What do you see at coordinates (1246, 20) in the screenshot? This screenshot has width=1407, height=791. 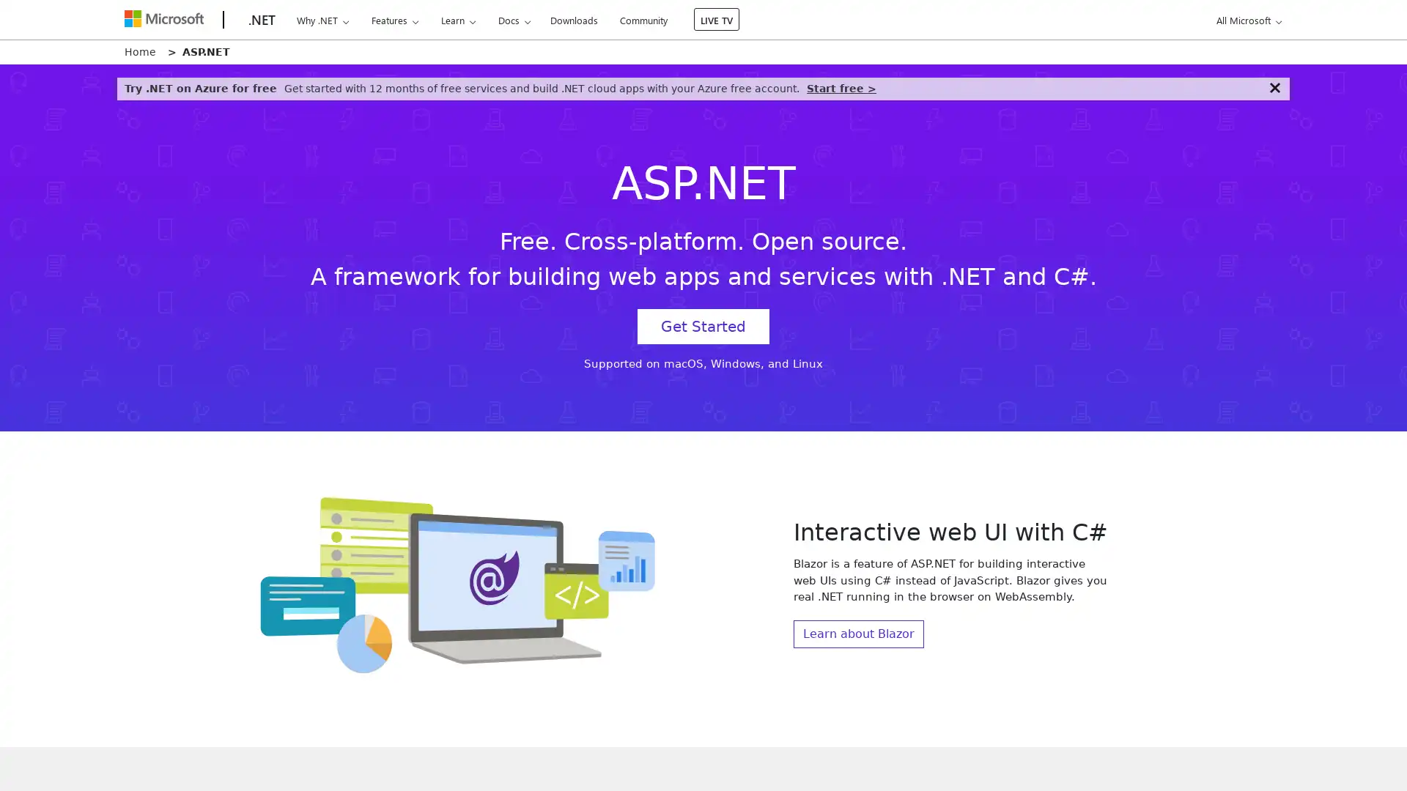 I see `All Microsoft expand to see list of Microsoft products and services` at bounding box center [1246, 20].